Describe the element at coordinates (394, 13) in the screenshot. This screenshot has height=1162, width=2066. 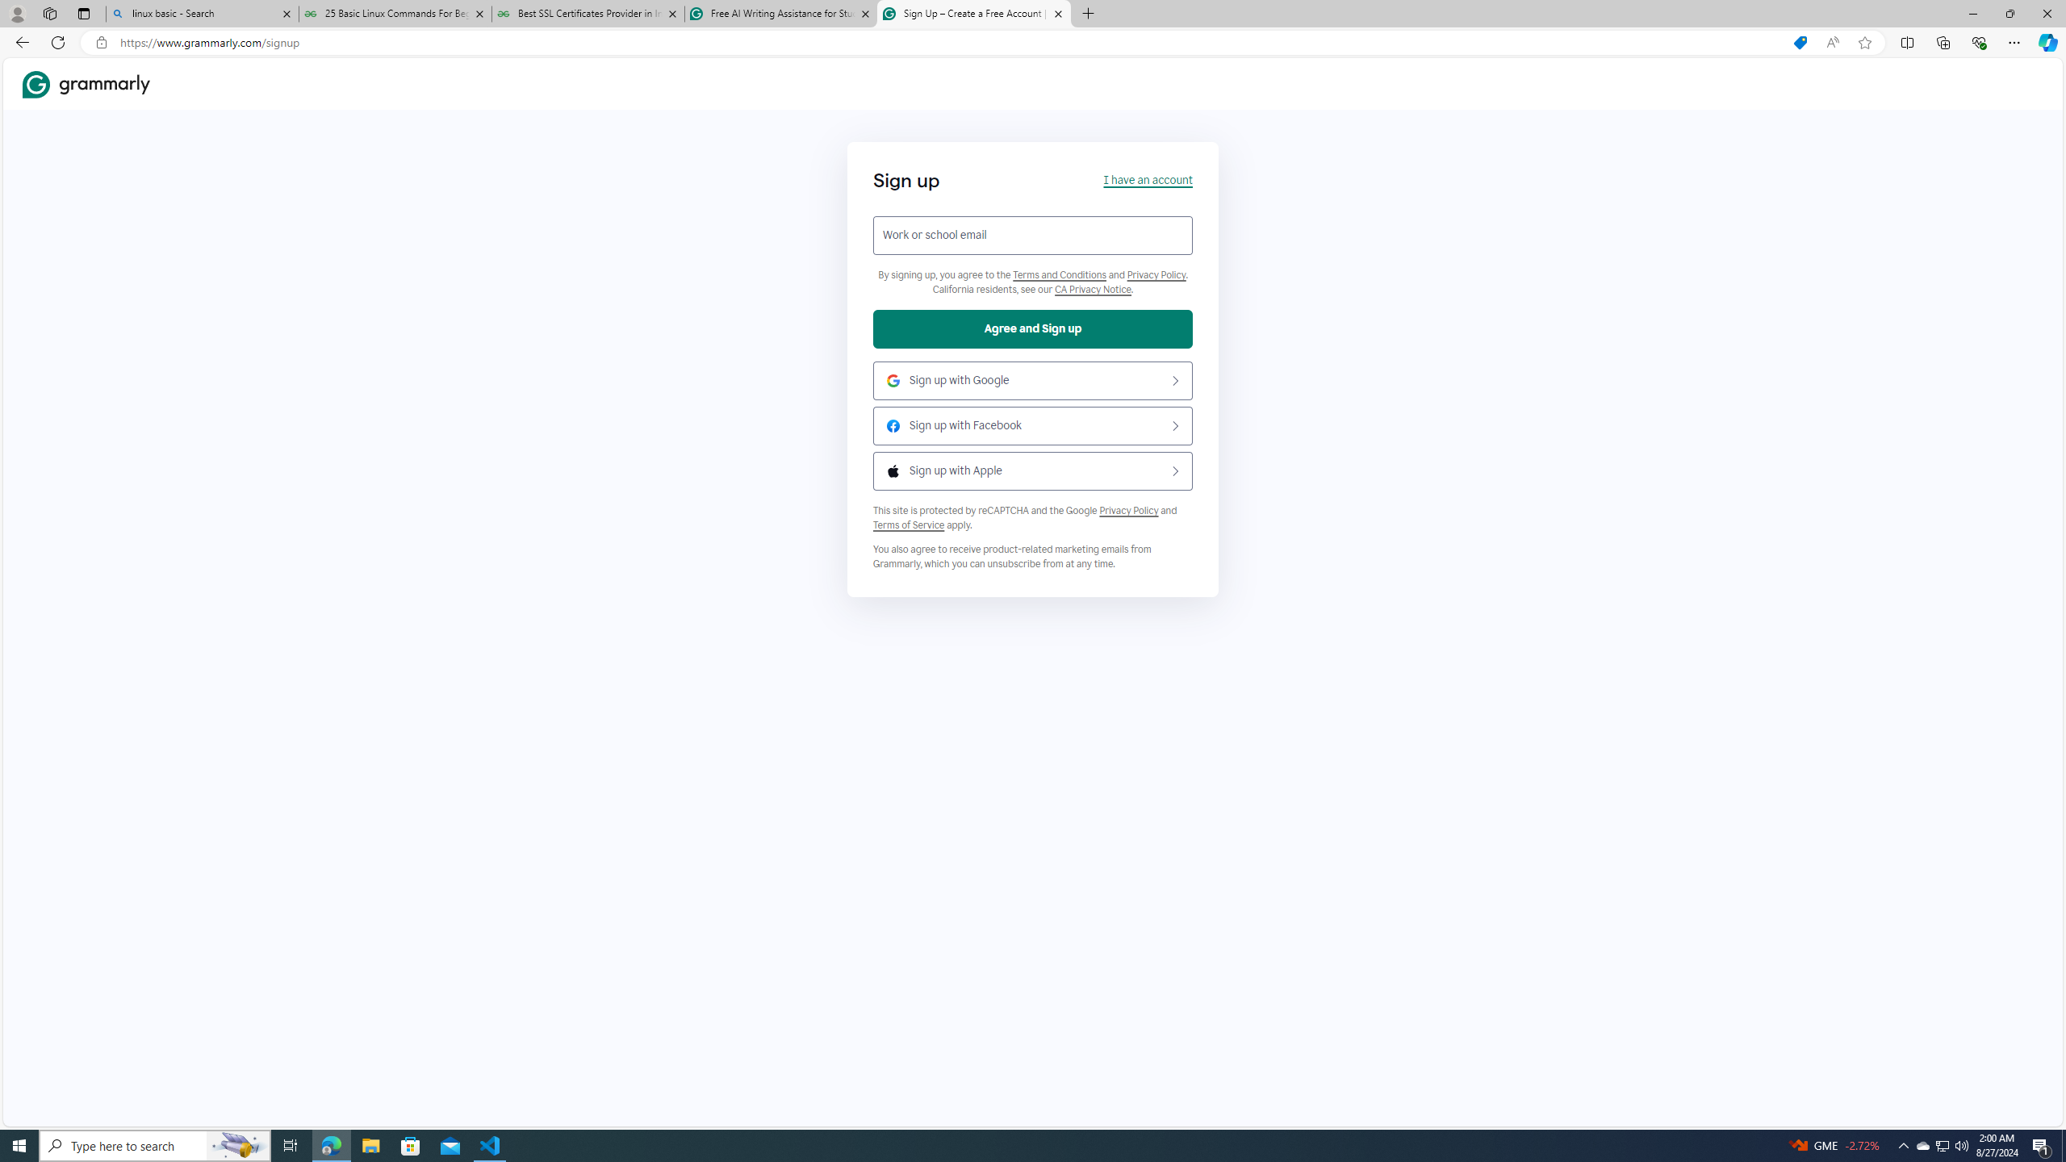
I see `'25 Basic Linux Commands For Beginners - GeeksforGeeks'` at that location.